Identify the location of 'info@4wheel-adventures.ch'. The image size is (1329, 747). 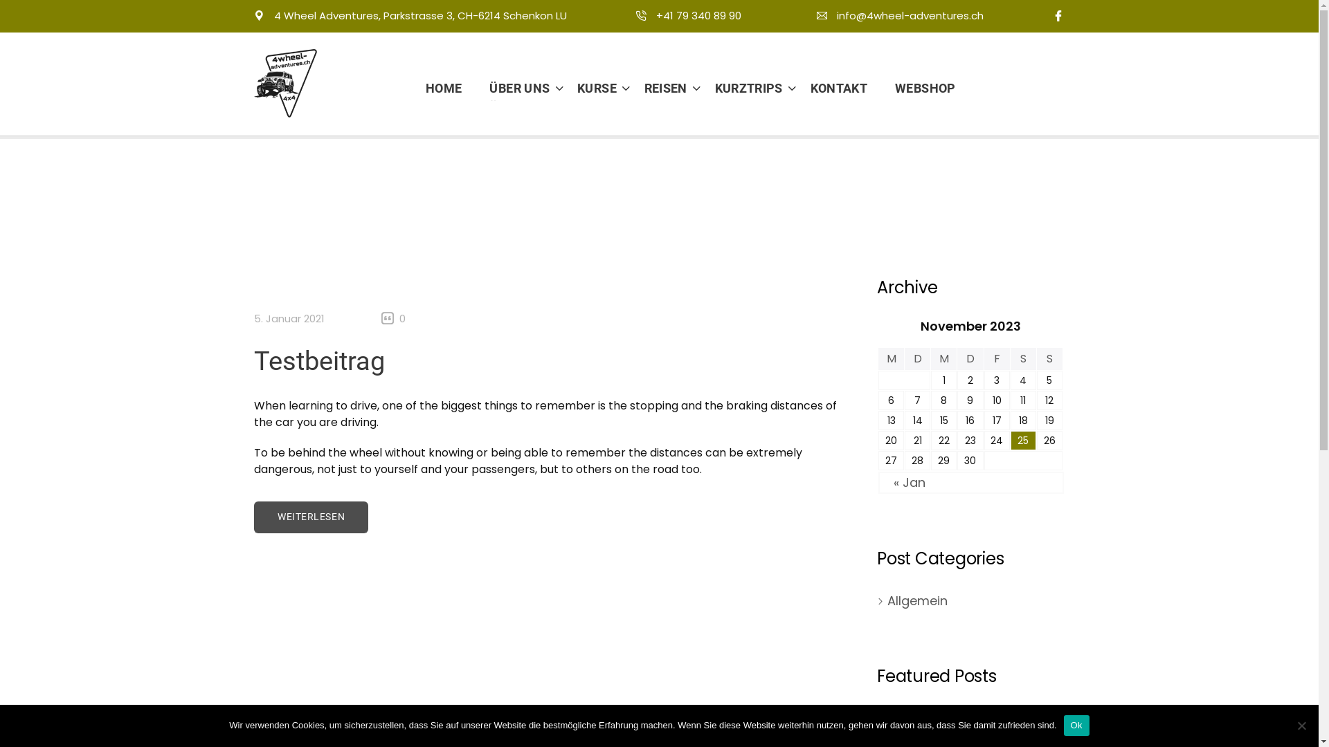
(900, 15).